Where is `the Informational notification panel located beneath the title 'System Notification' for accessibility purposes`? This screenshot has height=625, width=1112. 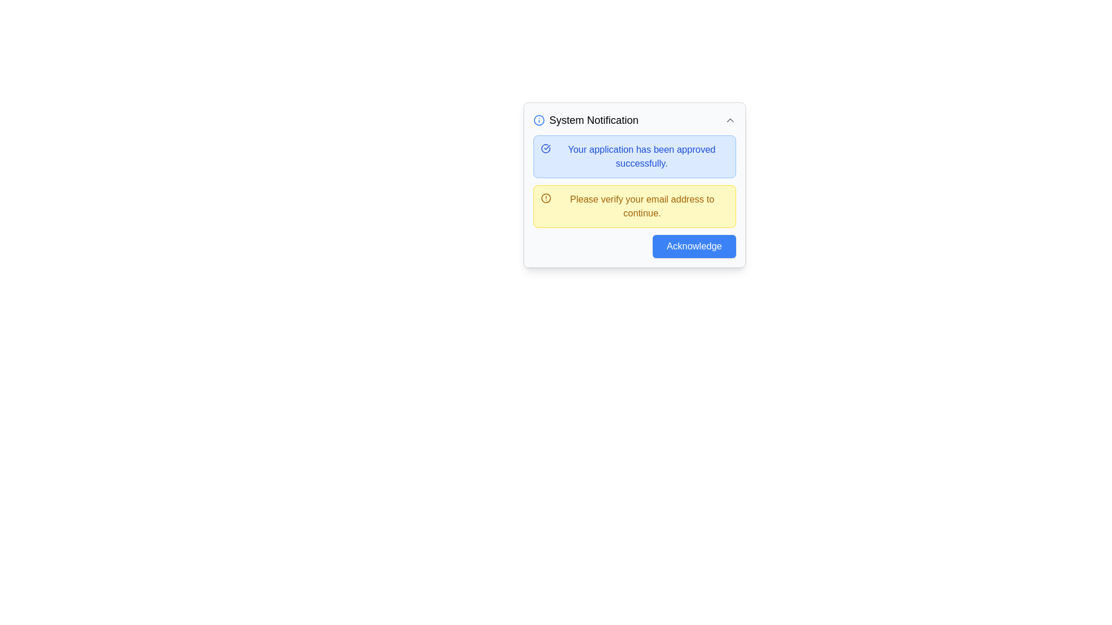 the Informational notification panel located beneath the title 'System Notification' for accessibility purposes is located at coordinates (634, 156).